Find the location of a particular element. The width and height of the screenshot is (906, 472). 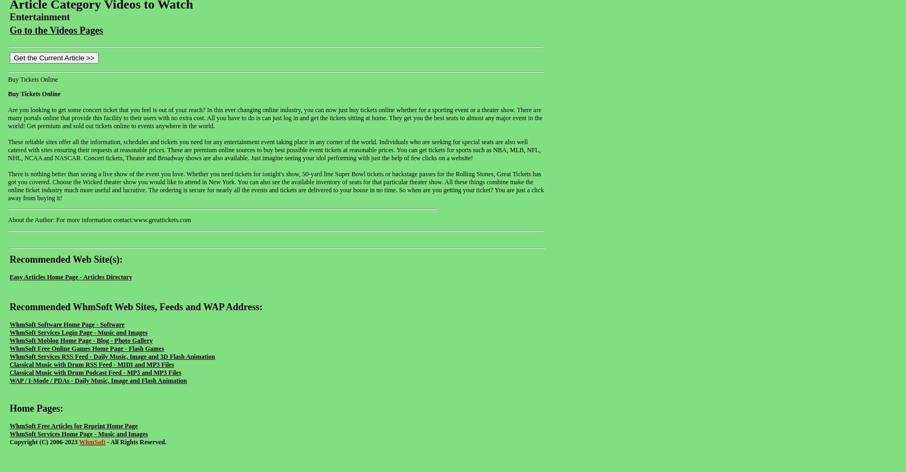

'WhmSoft Services Home Page - Music and Images' is located at coordinates (79, 434).